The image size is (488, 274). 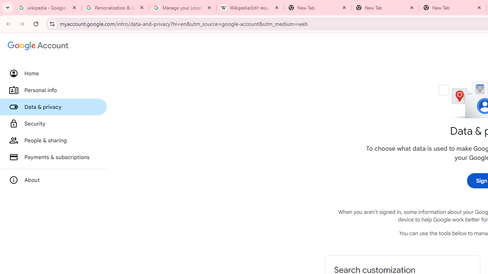 What do you see at coordinates (38, 46) in the screenshot?
I see `'Google Account settings'` at bounding box center [38, 46].